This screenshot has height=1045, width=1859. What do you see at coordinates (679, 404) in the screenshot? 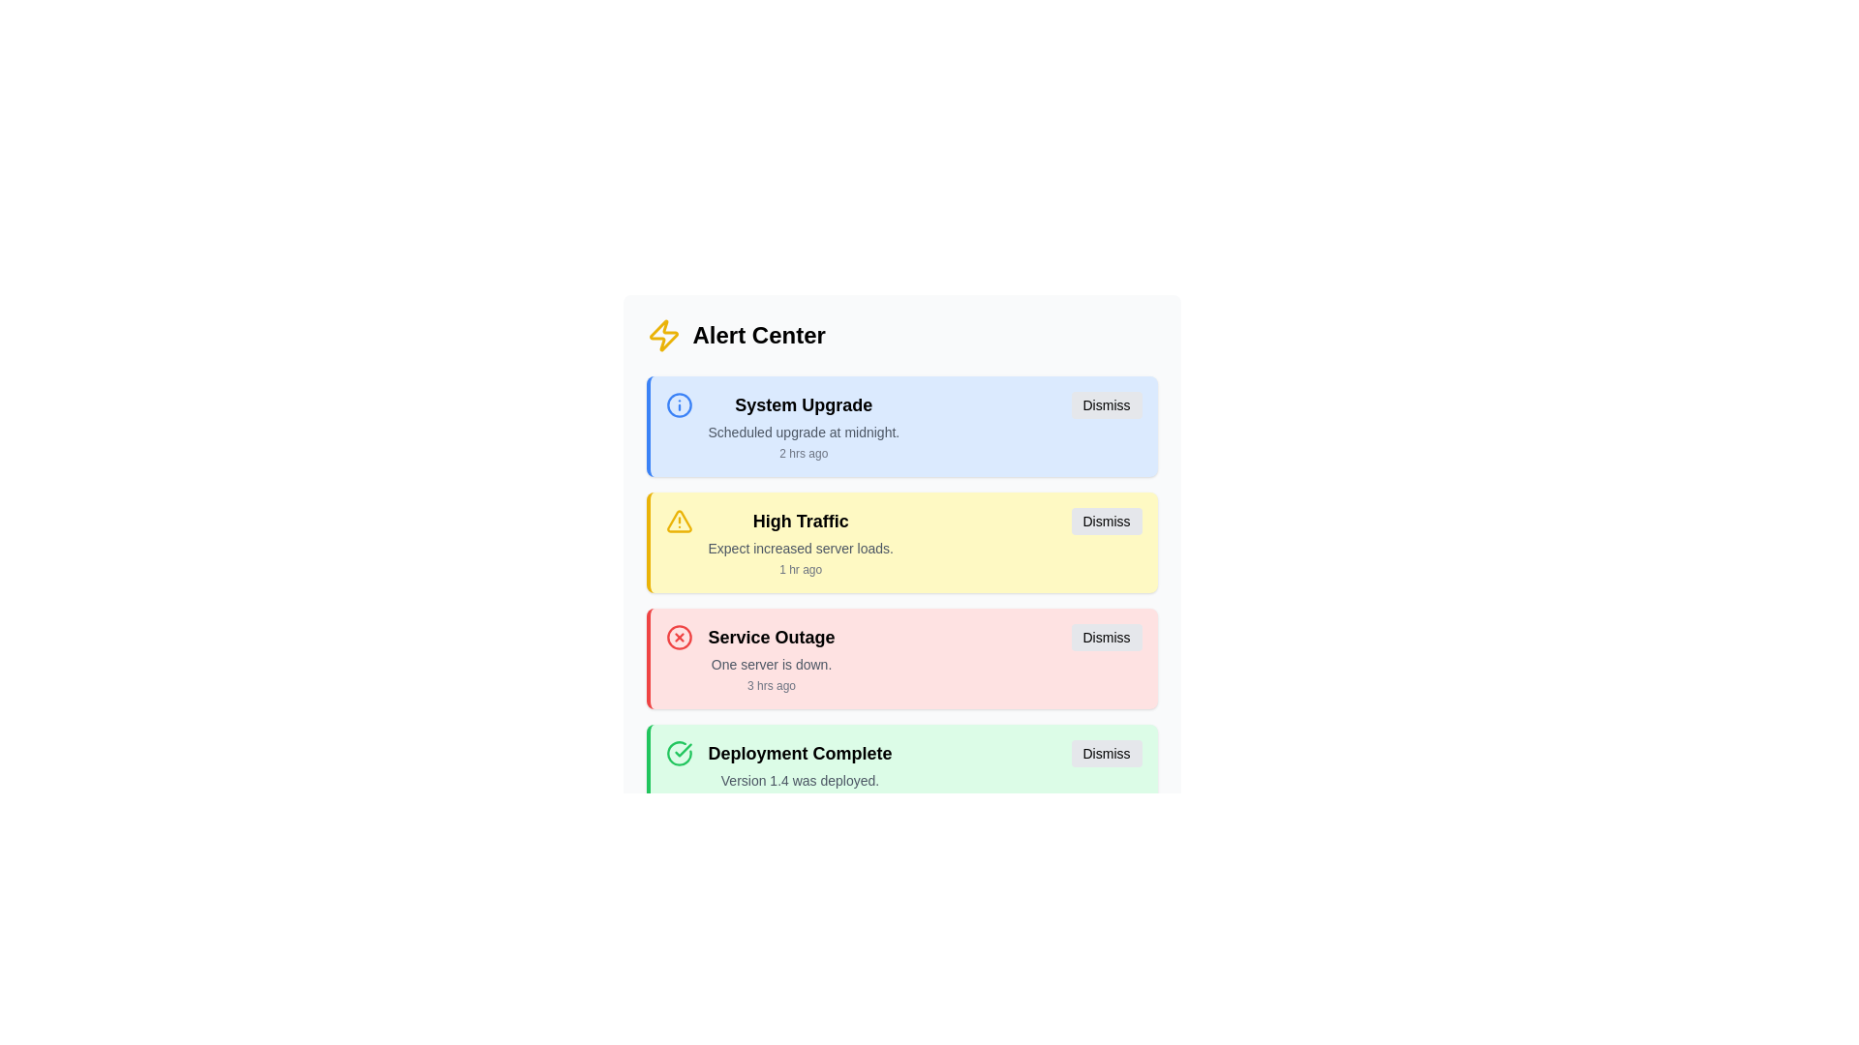
I see `the 'information' icon associated with the 'System Upgrade' notification message located in the blue-highlighted notification card at the top of the notification list` at bounding box center [679, 404].